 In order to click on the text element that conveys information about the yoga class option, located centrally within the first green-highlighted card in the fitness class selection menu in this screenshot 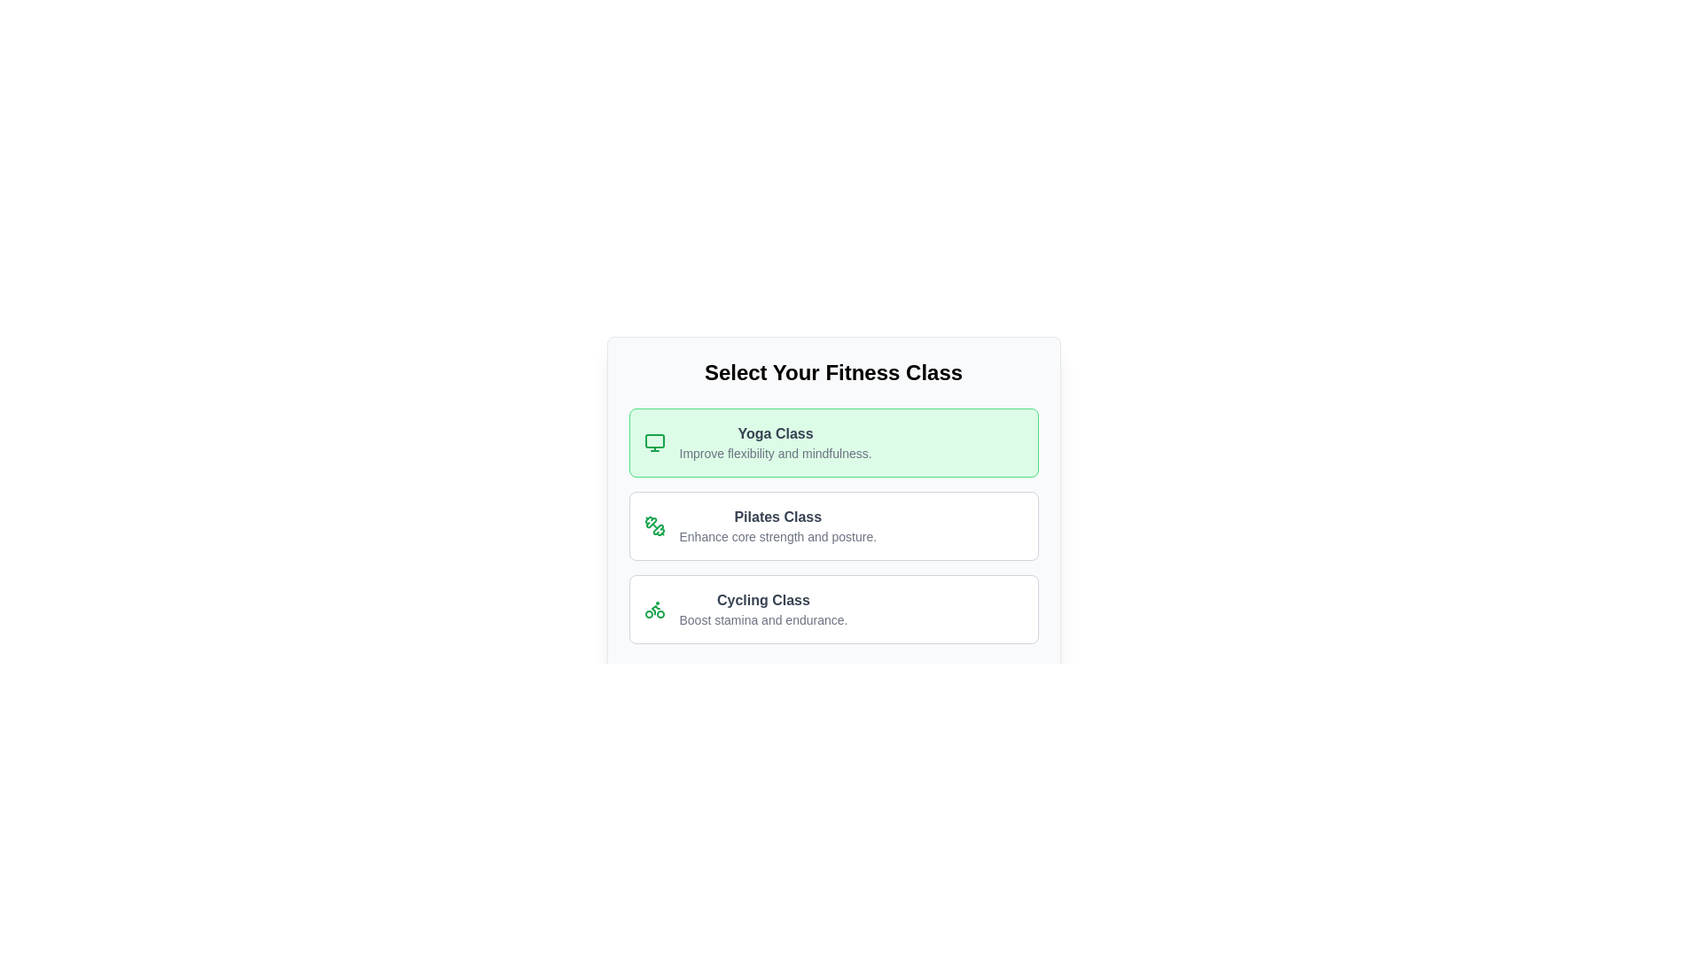, I will do `click(776, 442)`.